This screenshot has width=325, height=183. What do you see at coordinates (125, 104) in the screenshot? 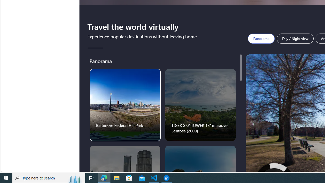
I see `'Baltimore Federal Hill Park'` at bounding box center [125, 104].